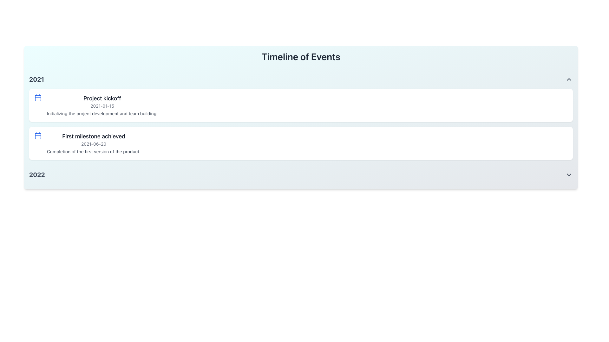 The image size is (609, 342). Describe the element at coordinates (102, 106) in the screenshot. I see `date displayed in the Text Label that is located below the title 'Project kickoff' and above the description for the first timeline card of 2021` at that location.